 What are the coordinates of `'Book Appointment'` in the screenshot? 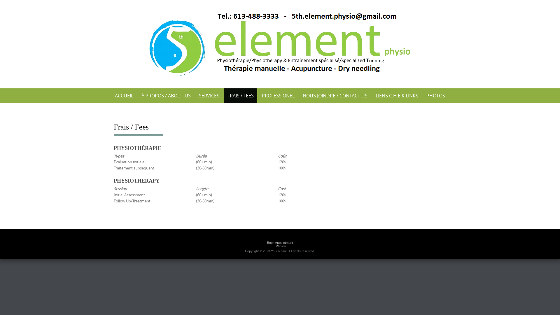 It's located at (279, 243).